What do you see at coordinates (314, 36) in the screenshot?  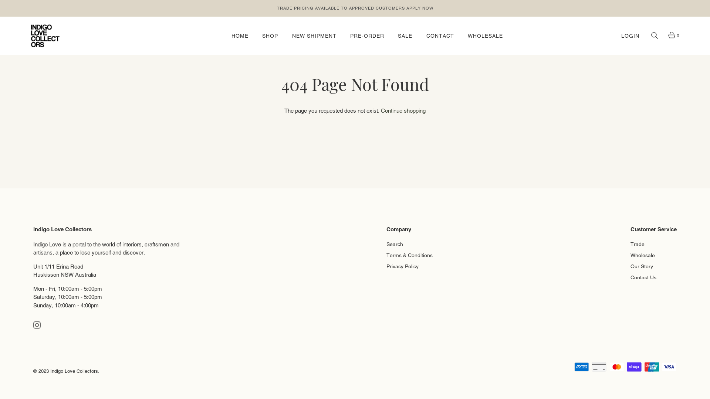 I see `'NEW SHIPMENT'` at bounding box center [314, 36].